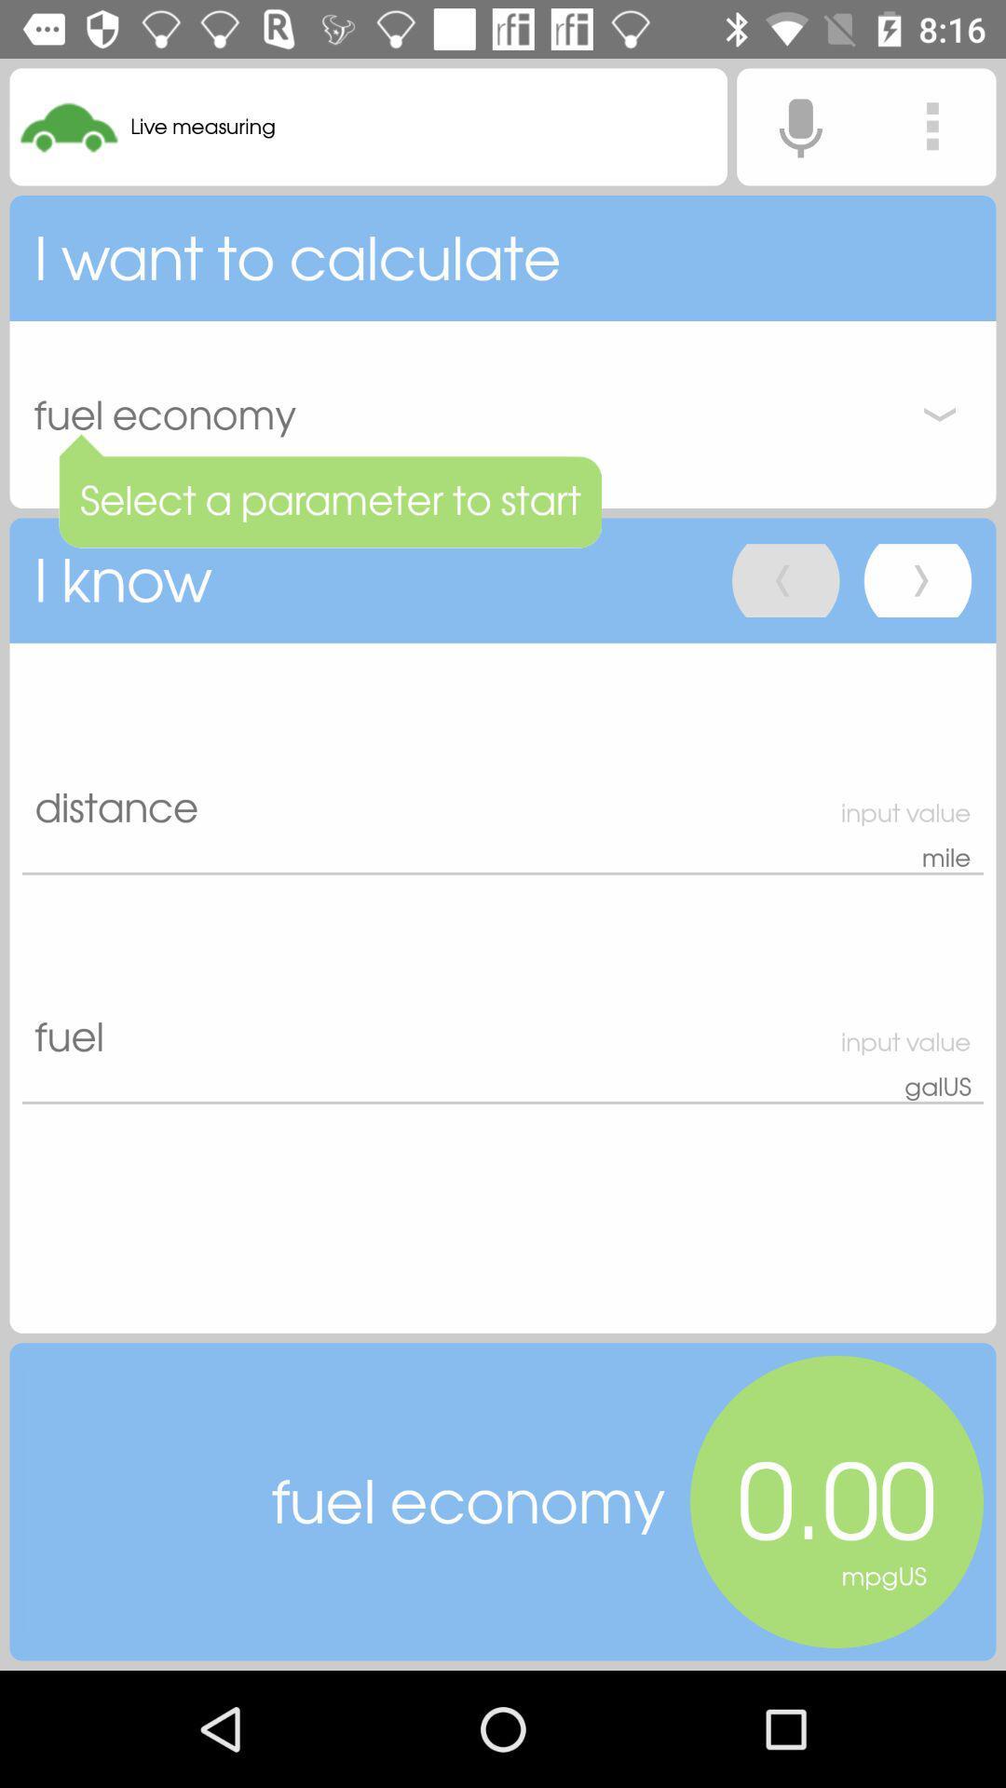  What do you see at coordinates (799, 126) in the screenshot?
I see `vocal assistant` at bounding box center [799, 126].